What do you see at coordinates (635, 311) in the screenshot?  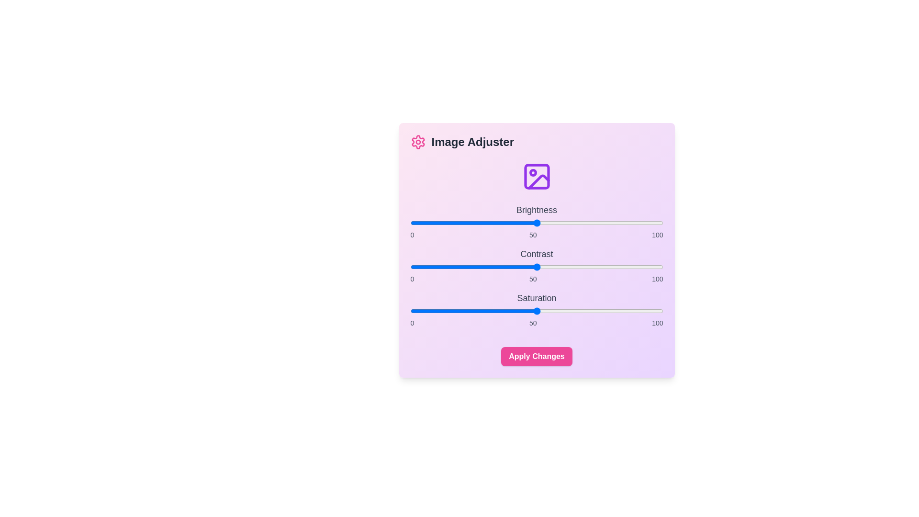 I see `the saturation slider to set the value to 89` at bounding box center [635, 311].